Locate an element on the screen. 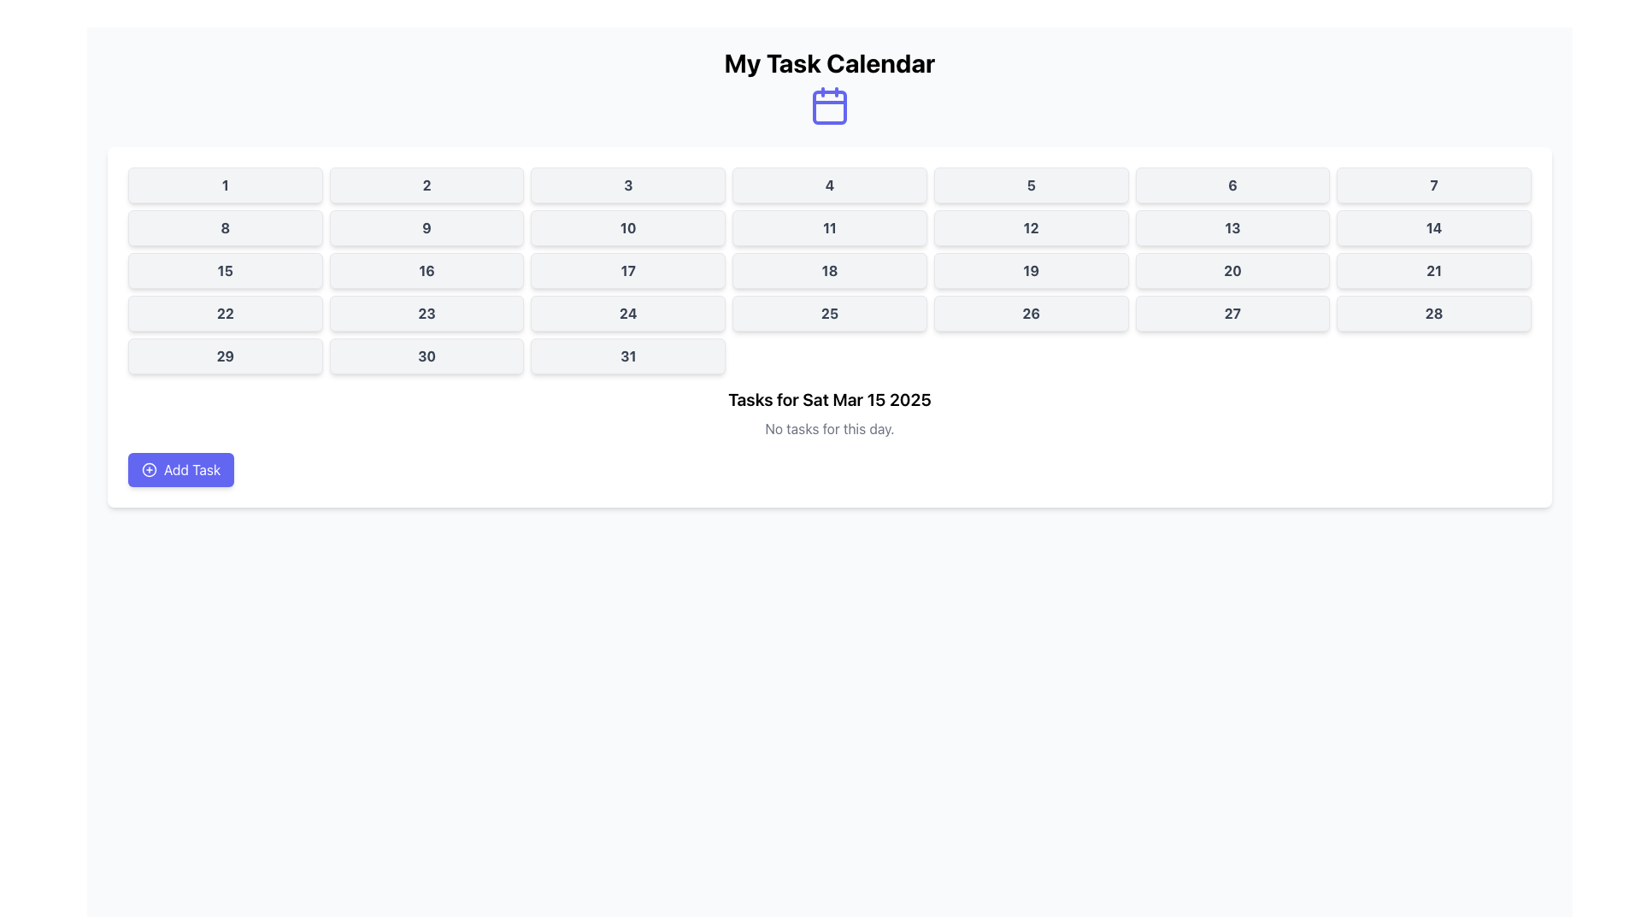 This screenshot has width=1641, height=923. the calendar date button located in the second row, fourth column of a grid layout, to interact with it is located at coordinates (829, 226).